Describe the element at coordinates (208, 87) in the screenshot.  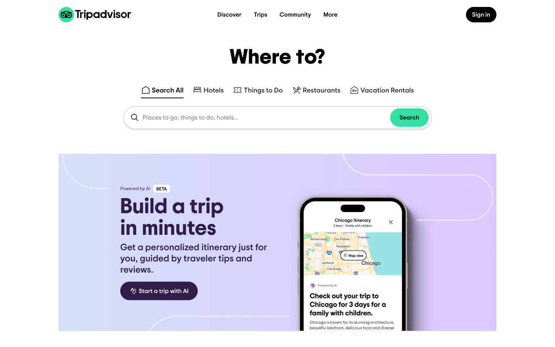
I see `Enter "Paris" in the search area and proceed with the search operation` at that location.